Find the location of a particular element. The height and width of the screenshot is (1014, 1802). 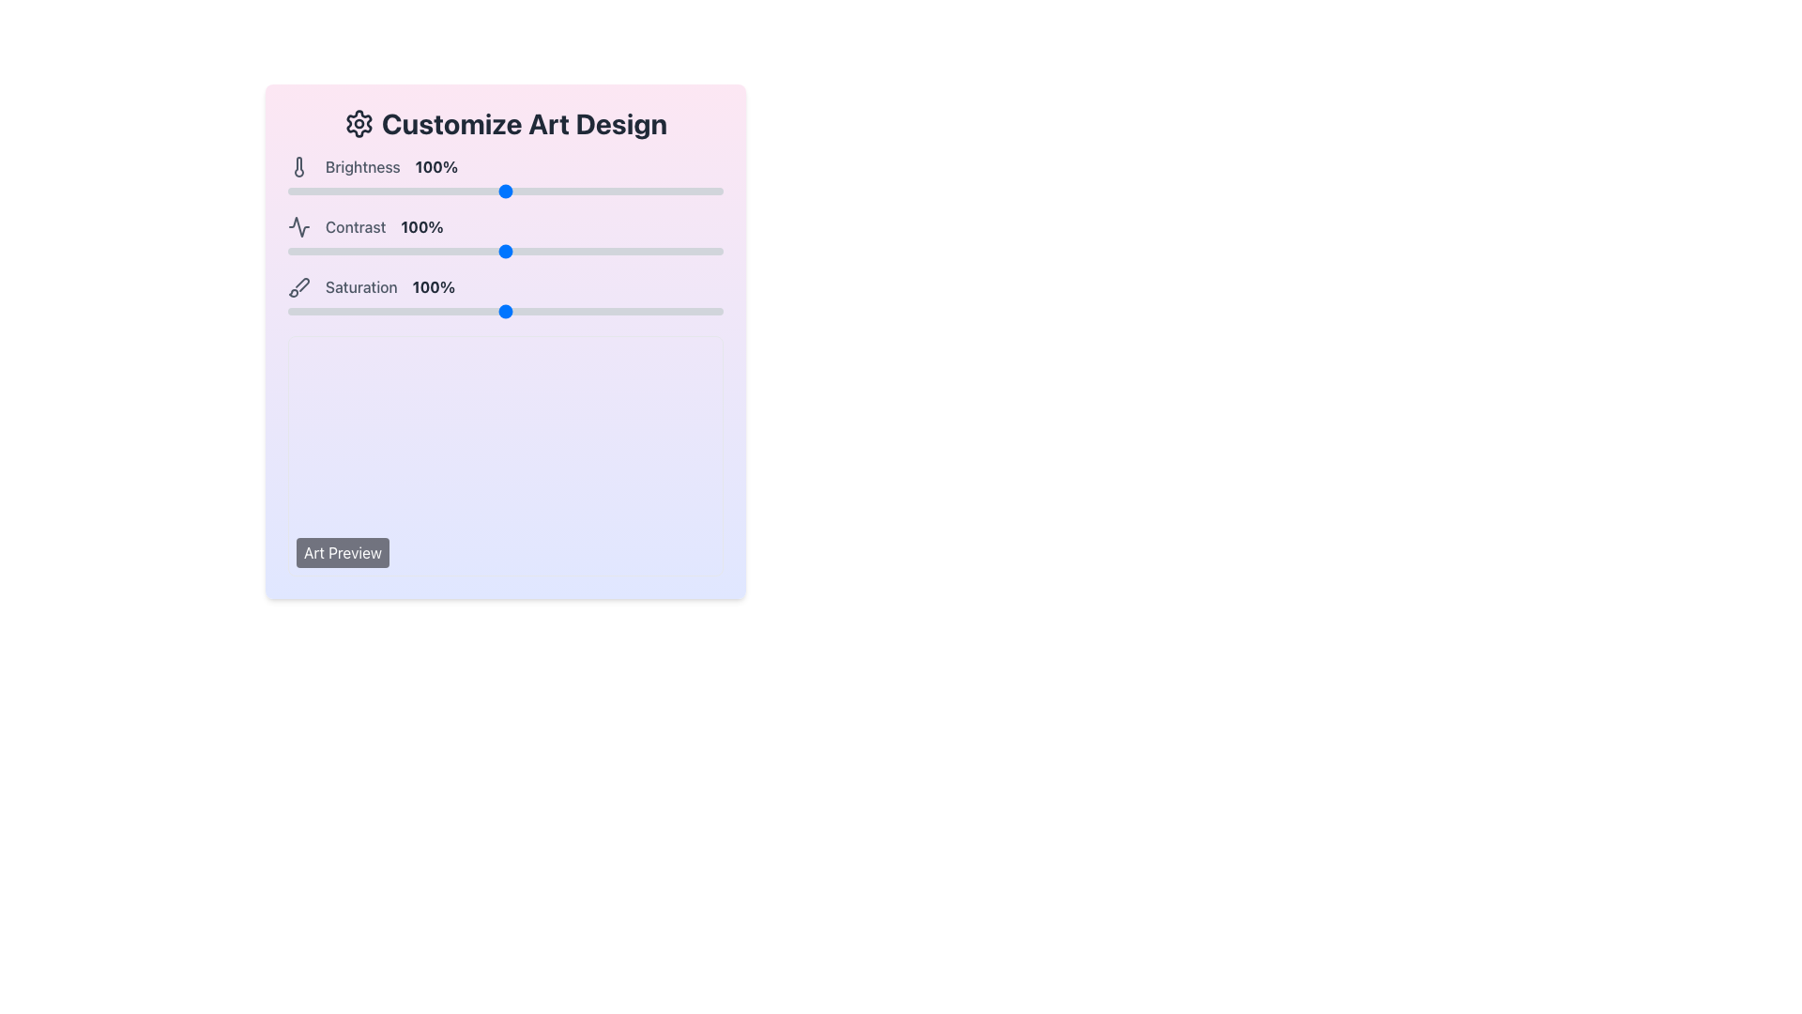

contrast is located at coordinates (530, 250).